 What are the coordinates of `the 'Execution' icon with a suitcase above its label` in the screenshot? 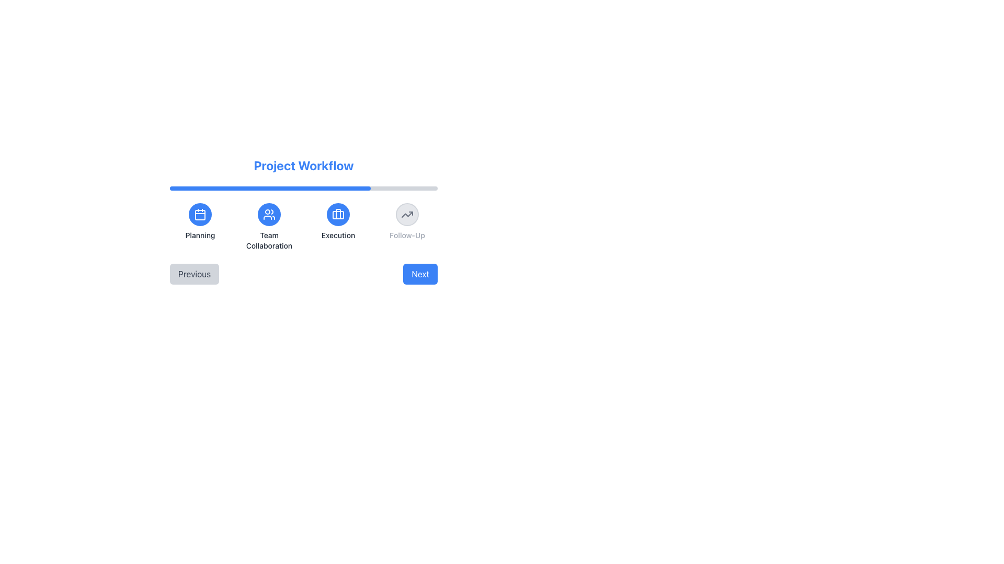 It's located at (338, 227).